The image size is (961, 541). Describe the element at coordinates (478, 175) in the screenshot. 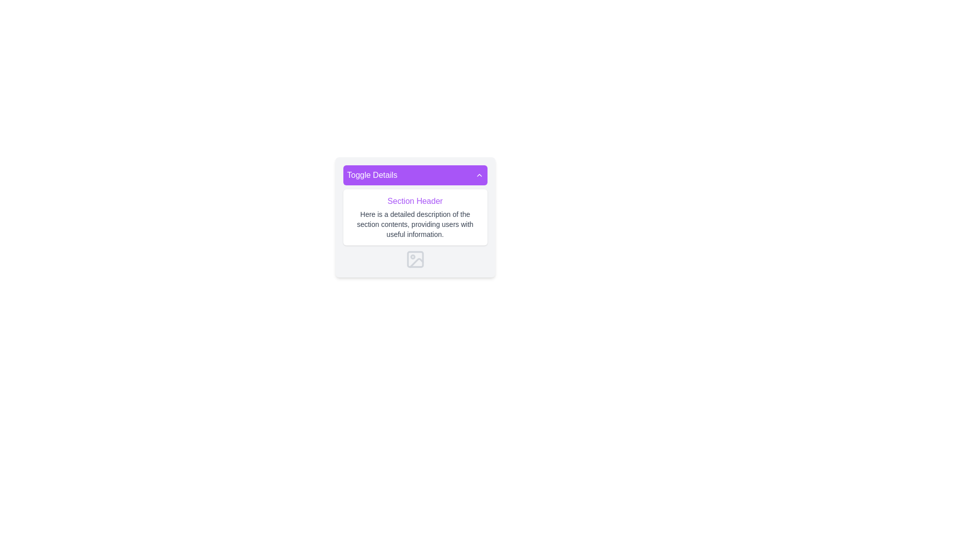

I see `the small upward chevron icon located at the right side of the purple header bar labeled 'Toggle Details'` at that location.